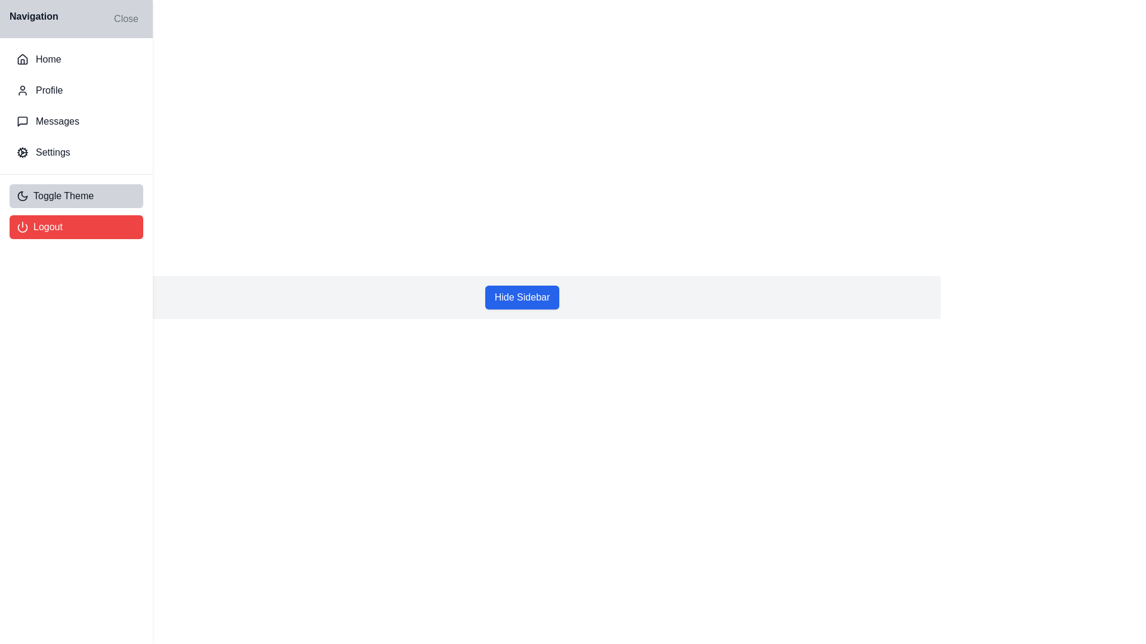 This screenshot has width=1146, height=644. What do you see at coordinates (23, 151) in the screenshot?
I see `the outermost circular shape of the settings cog icon in the left sidebar, which serves as a decorative graphic element` at bounding box center [23, 151].